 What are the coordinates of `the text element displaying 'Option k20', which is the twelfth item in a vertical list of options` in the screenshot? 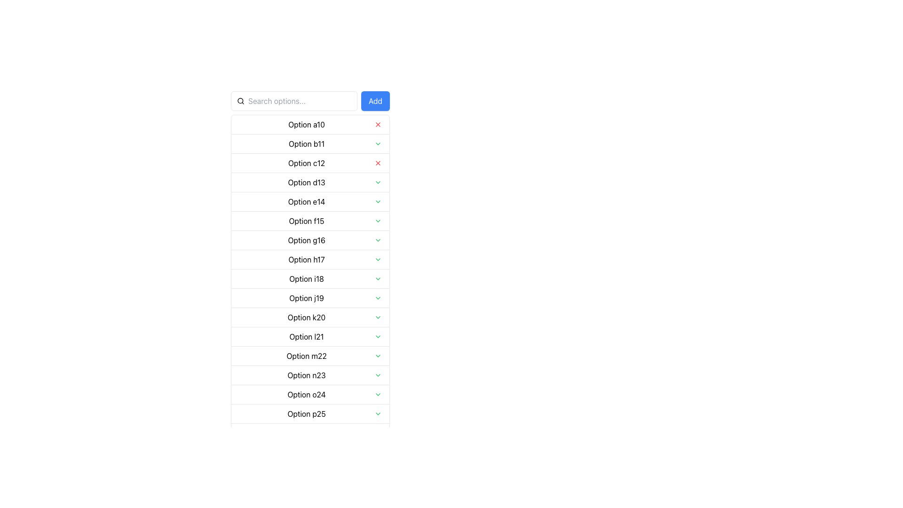 It's located at (307, 317).